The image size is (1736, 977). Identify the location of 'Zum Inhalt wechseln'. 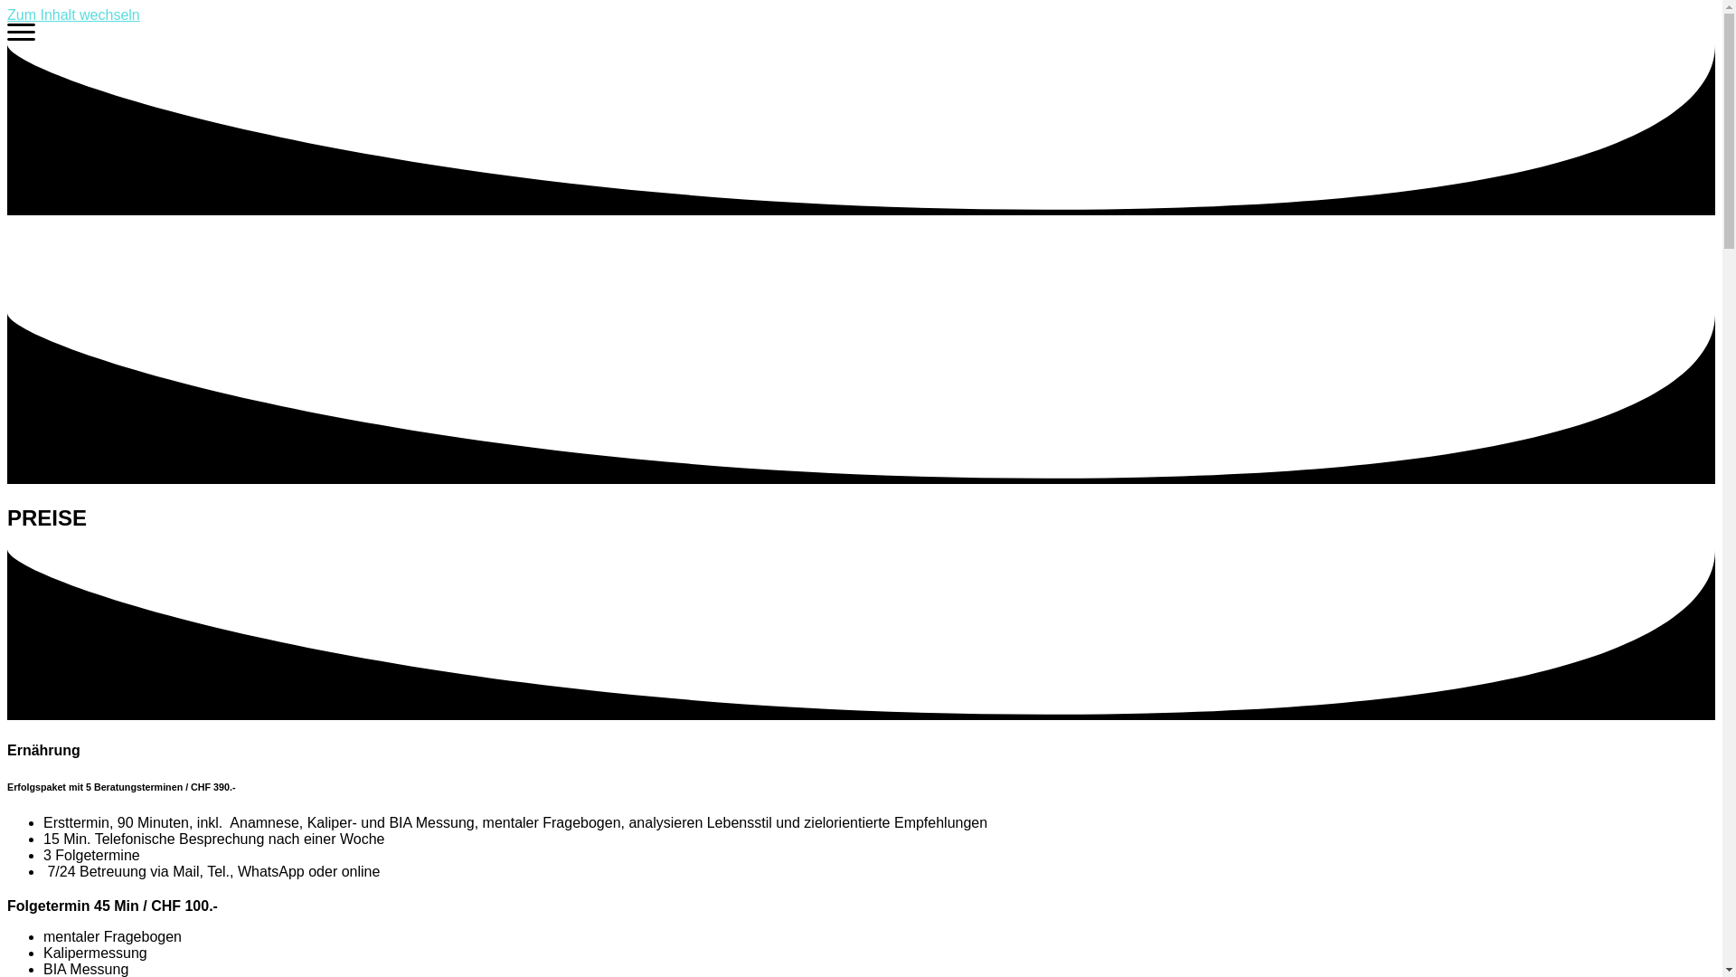
(72, 14).